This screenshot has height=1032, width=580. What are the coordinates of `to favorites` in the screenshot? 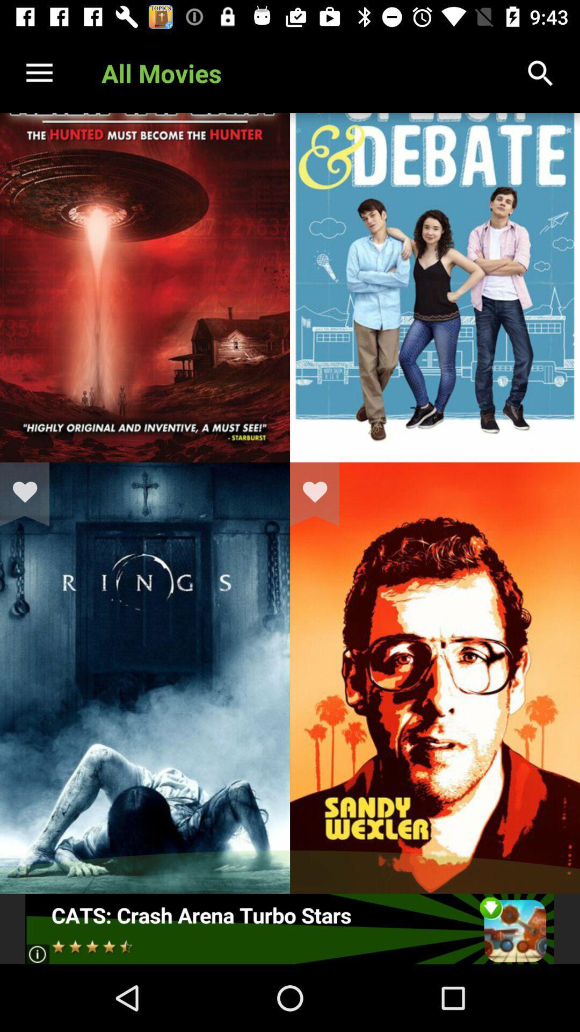 It's located at (321, 493).